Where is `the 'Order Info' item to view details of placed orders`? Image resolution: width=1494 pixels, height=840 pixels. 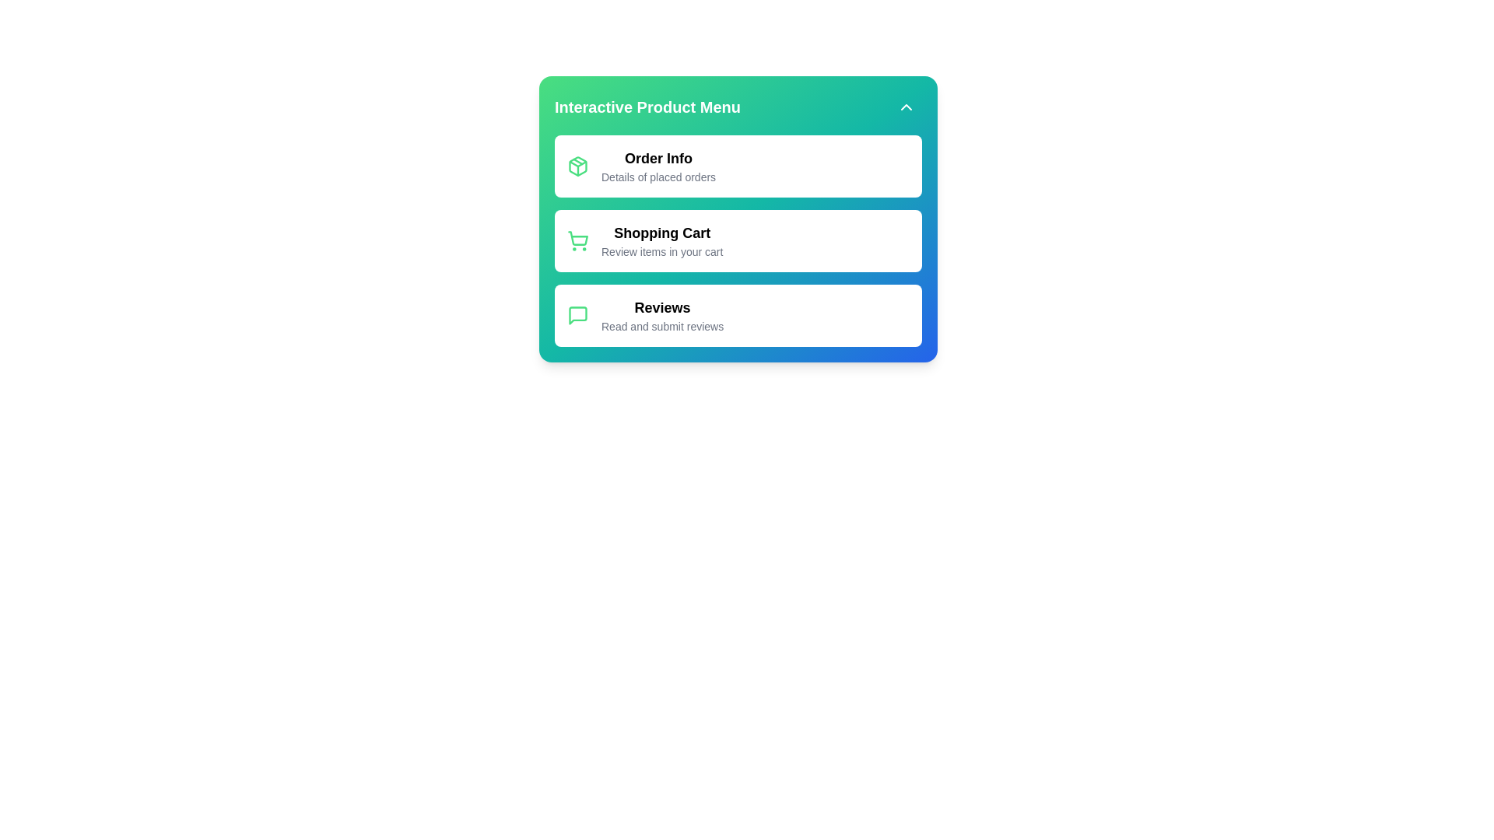
the 'Order Info' item to view details of placed orders is located at coordinates (658, 159).